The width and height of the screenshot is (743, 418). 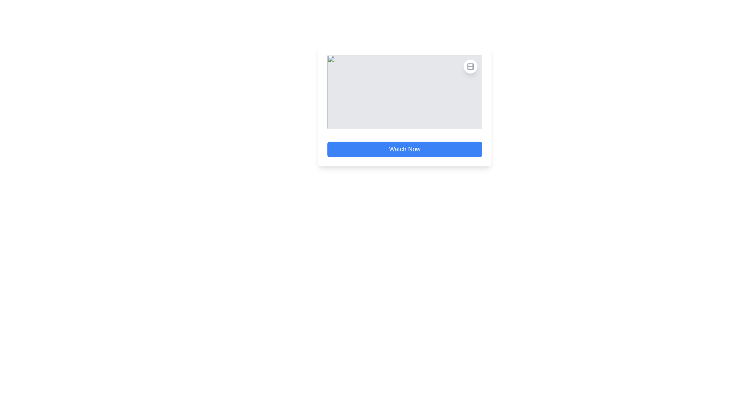 What do you see at coordinates (470, 66) in the screenshot?
I see `the film reel icon located in the top-right corner of the card to trigger a tooltip or highlight effect` at bounding box center [470, 66].